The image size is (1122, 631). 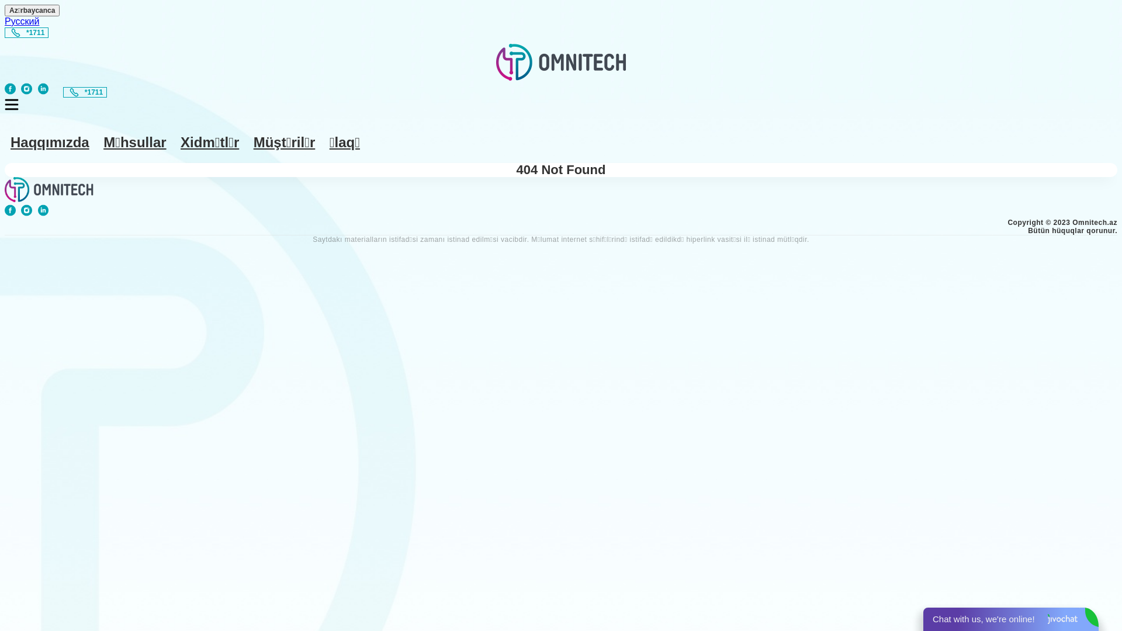 What do you see at coordinates (26, 31) in the screenshot?
I see `'*1711'` at bounding box center [26, 31].